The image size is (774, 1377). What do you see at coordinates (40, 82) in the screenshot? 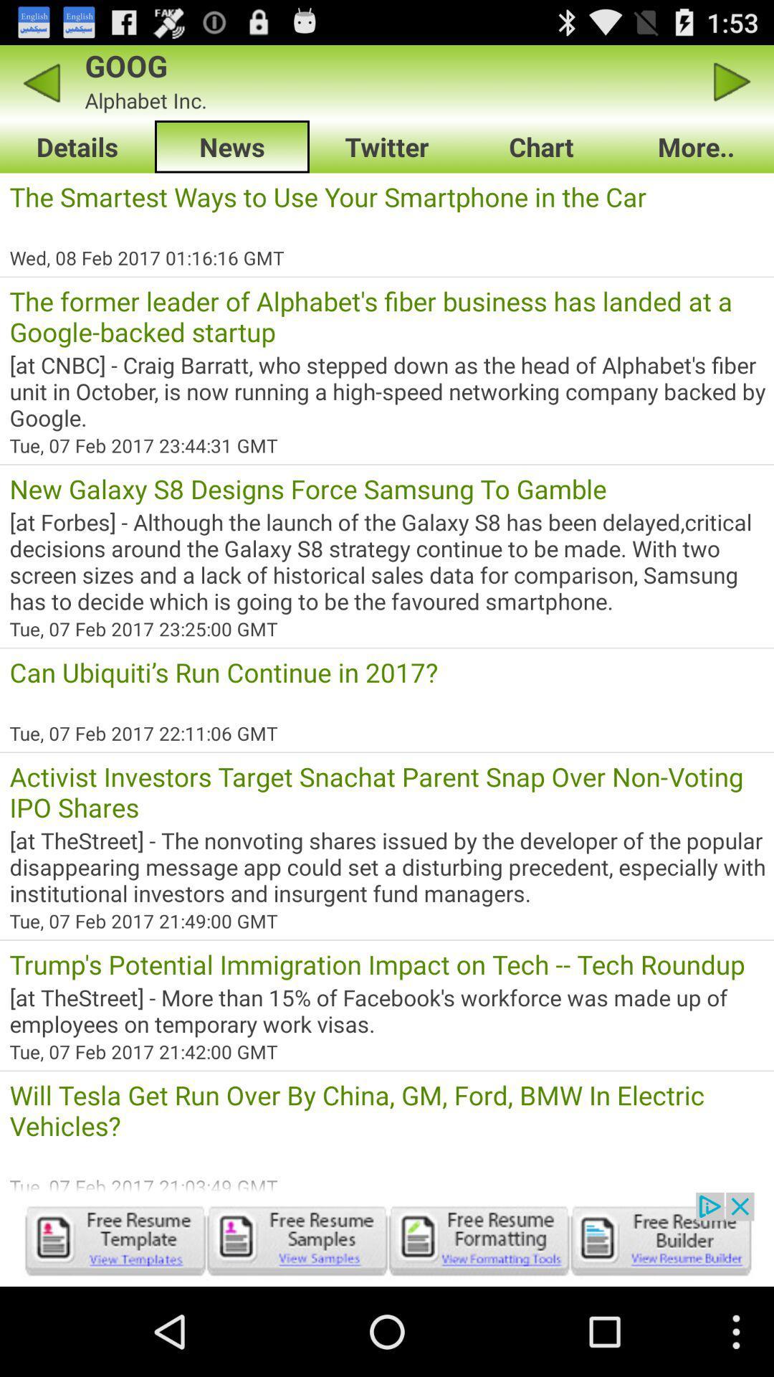
I see `previous page` at bounding box center [40, 82].